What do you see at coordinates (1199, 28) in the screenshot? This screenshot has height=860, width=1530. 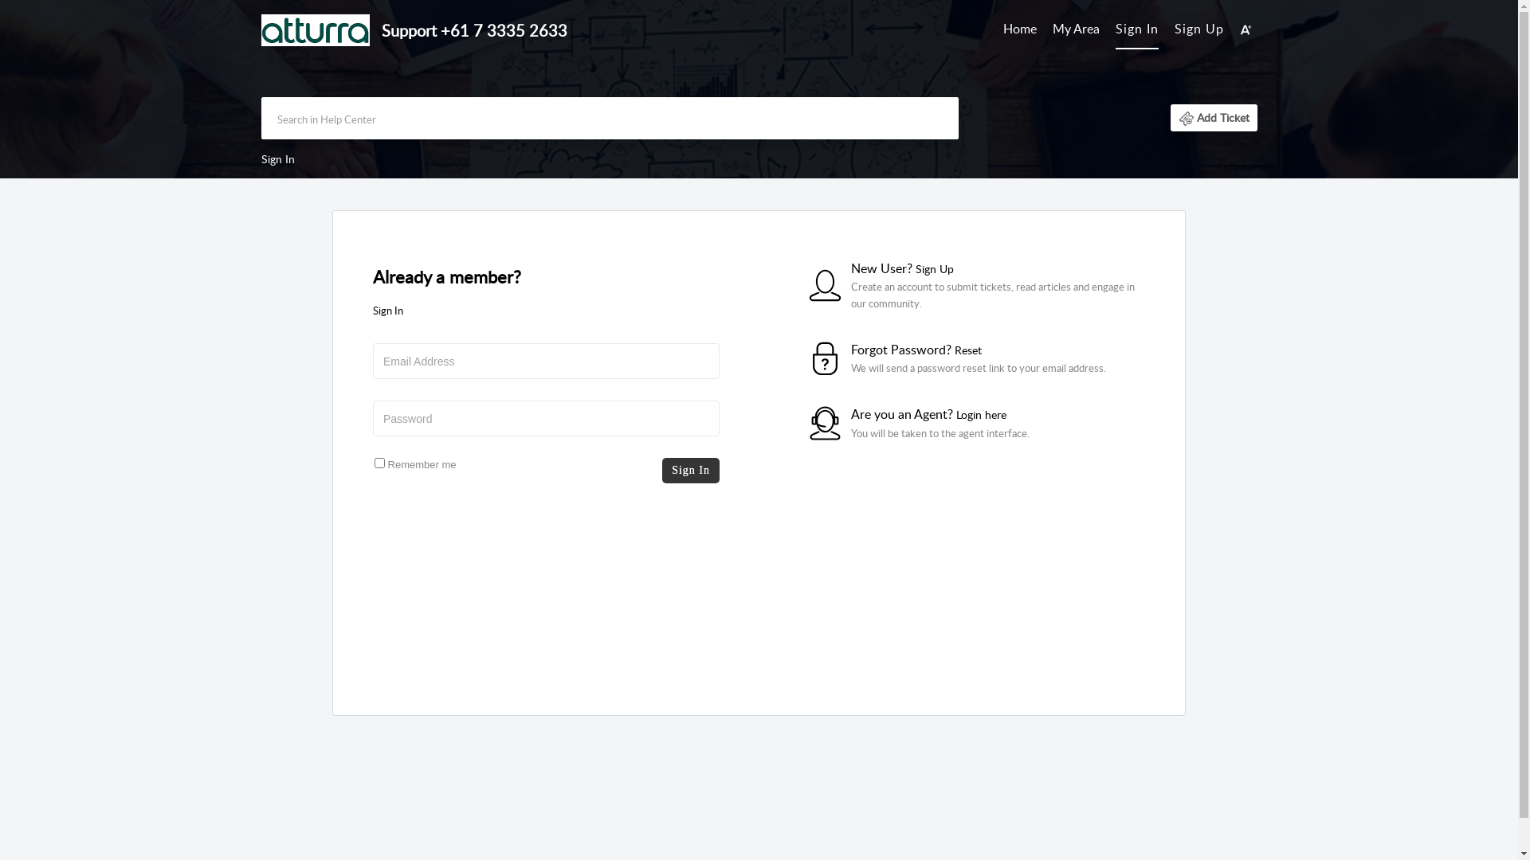 I see `'Sign Up'` at bounding box center [1199, 28].